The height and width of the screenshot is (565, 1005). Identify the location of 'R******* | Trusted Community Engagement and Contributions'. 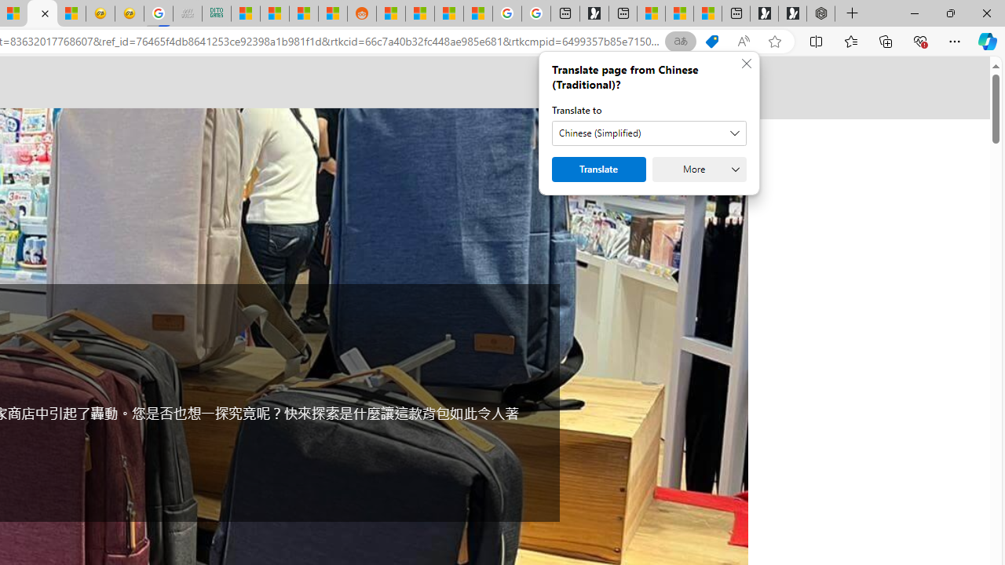
(390, 13).